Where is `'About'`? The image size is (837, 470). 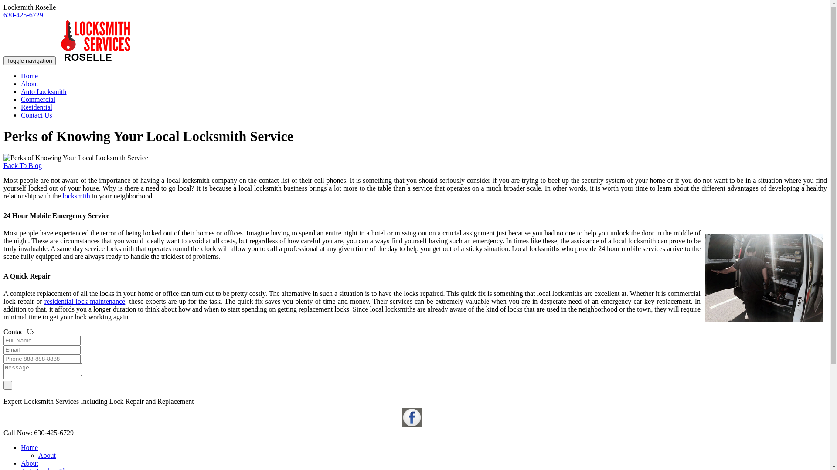
'About' is located at coordinates (29, 84).